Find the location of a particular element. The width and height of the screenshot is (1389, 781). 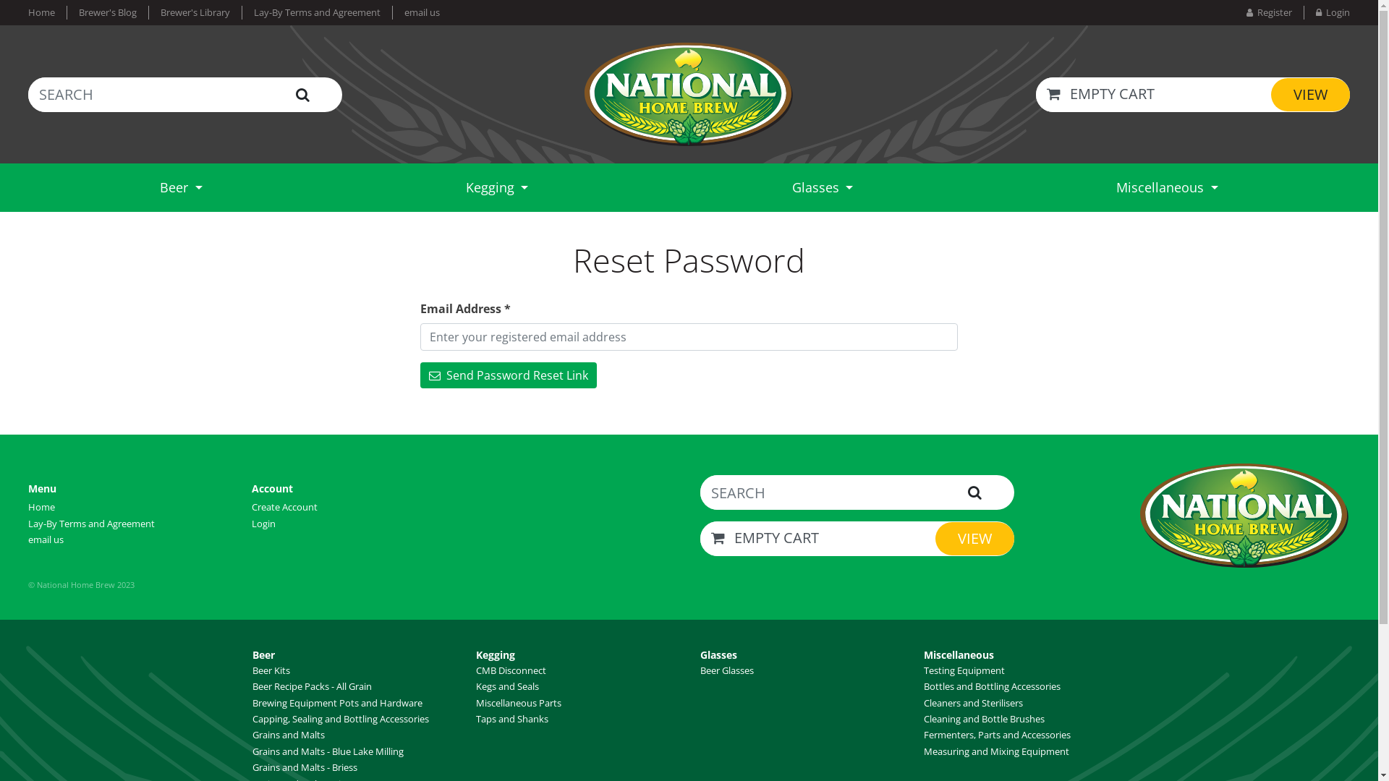

'Beer Kits' is located at coordinates (252, 670).